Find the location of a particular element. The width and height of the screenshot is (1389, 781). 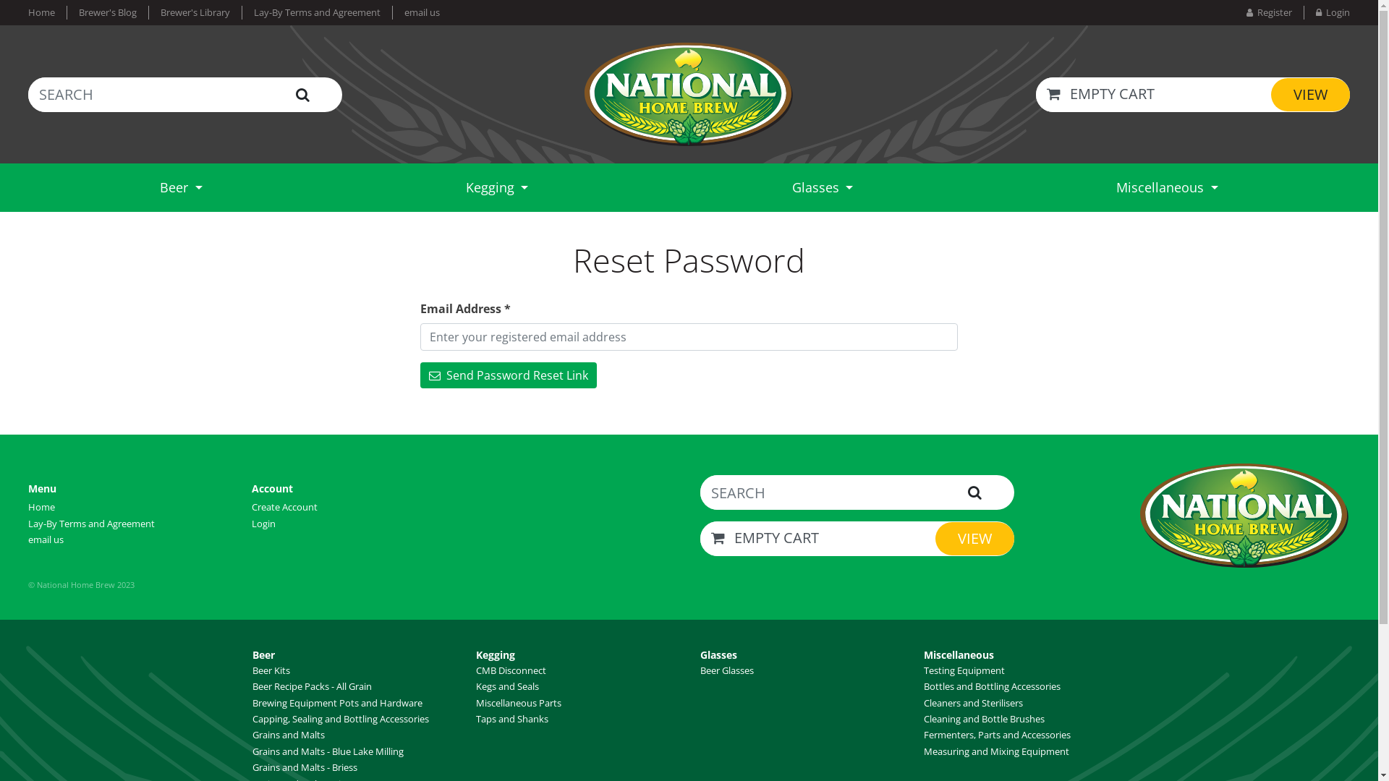

'Beer Kits' is located at coordinates (252, 670).